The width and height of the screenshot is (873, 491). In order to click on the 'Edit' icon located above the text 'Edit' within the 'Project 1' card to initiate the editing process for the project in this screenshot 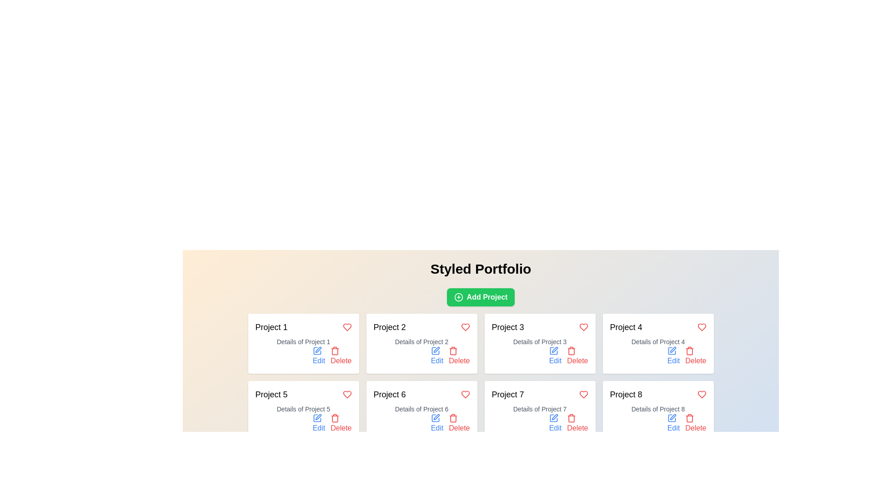, I will do `click(317, 350)`.